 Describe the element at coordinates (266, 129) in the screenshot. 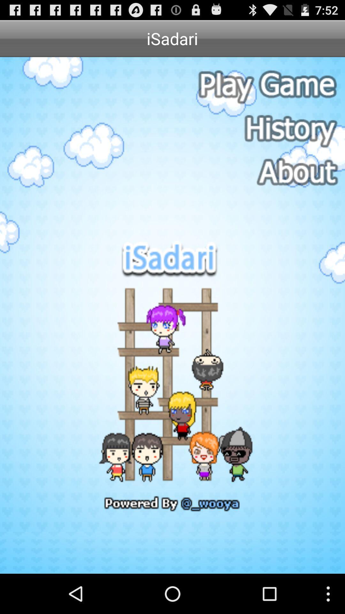

I see `open the history screen` at that location.